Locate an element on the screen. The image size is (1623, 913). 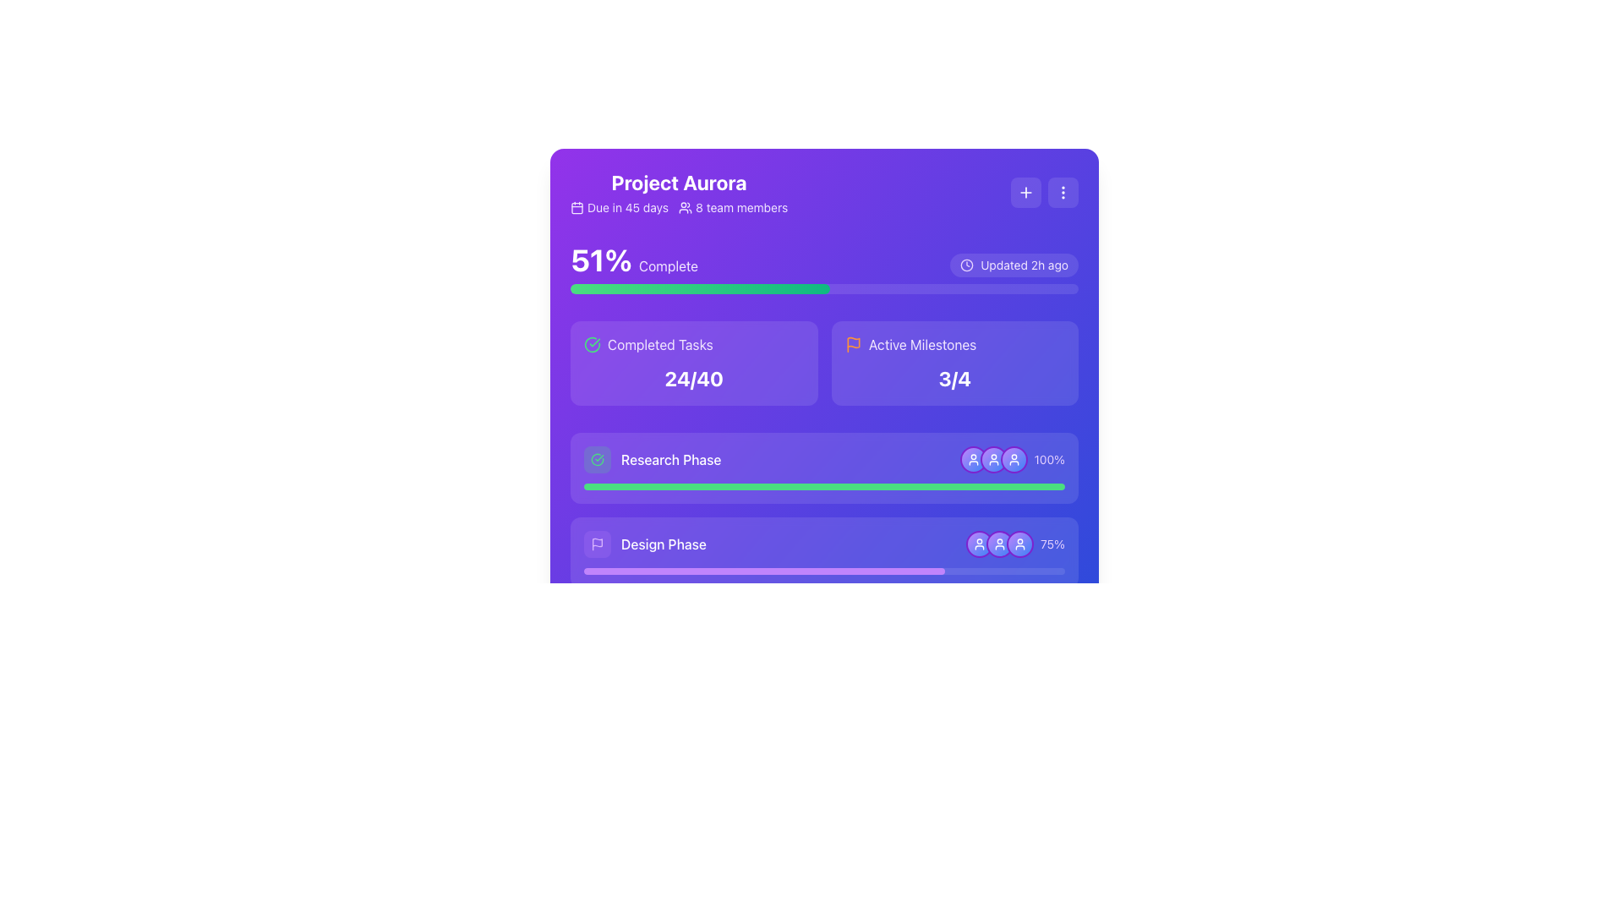
the progress label displaying '51% Complete' located below the title 'Project Aurora' and above the horizontal progress bar is located at coordinates (633, 260).